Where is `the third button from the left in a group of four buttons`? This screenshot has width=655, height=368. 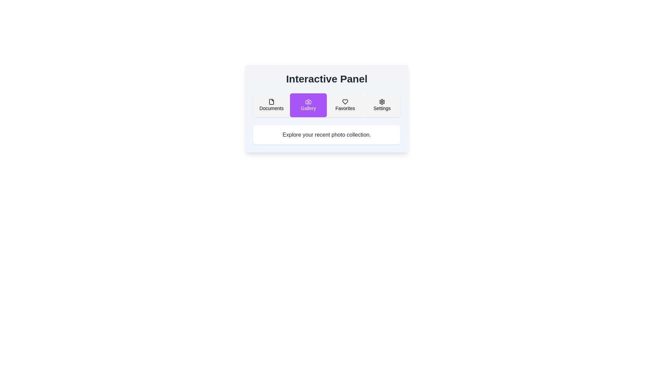 the third button from the left in a group of four buttons is located at coordinates (345, 105).